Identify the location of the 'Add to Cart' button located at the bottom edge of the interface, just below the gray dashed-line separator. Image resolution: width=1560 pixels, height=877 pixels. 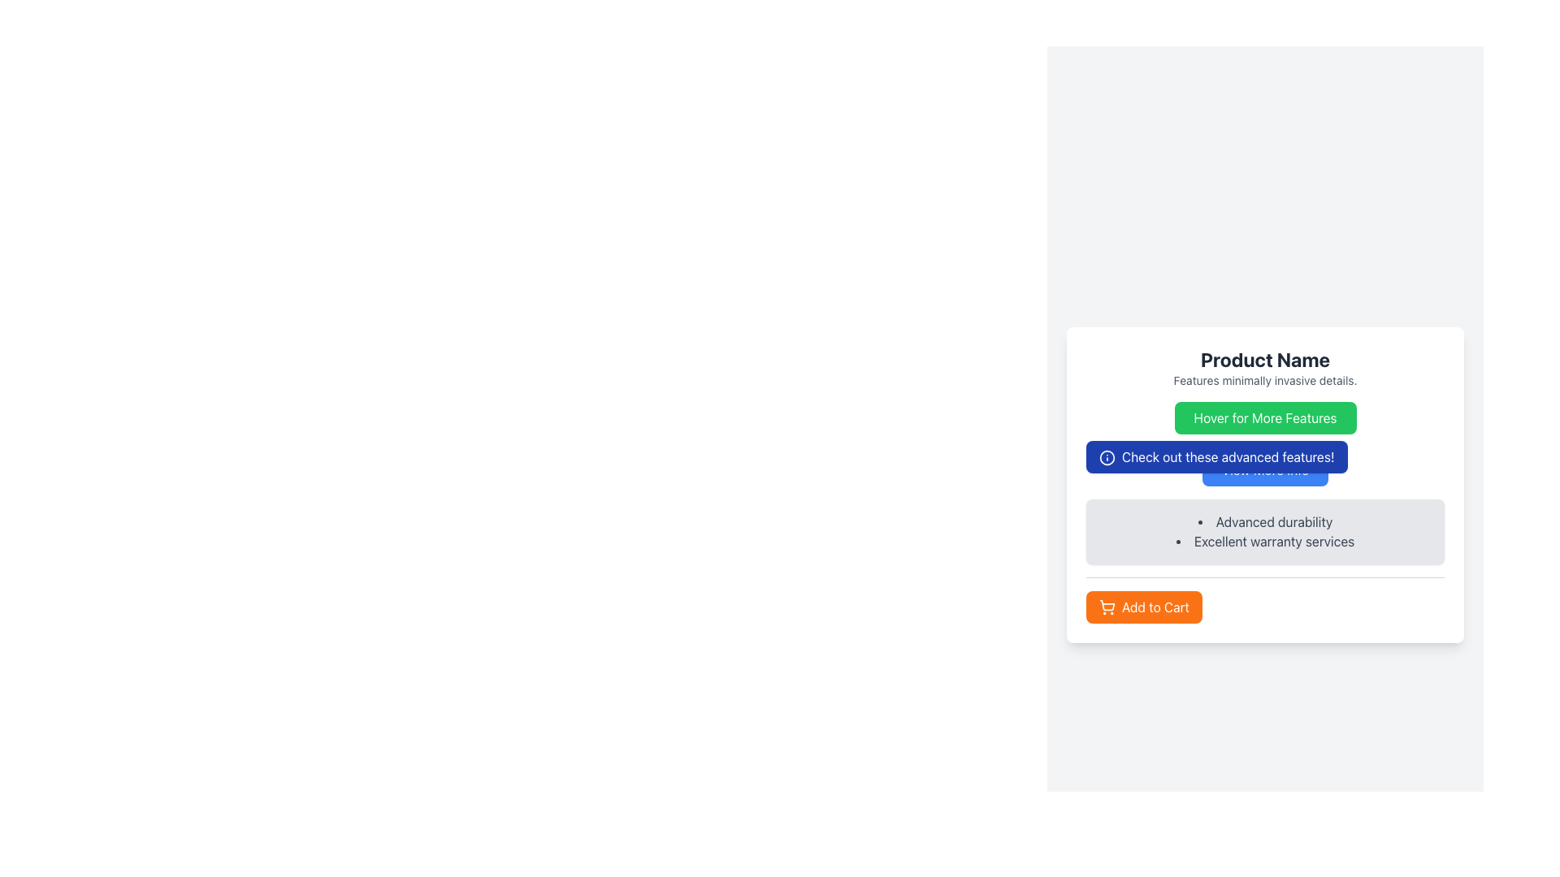
(1143, 607).